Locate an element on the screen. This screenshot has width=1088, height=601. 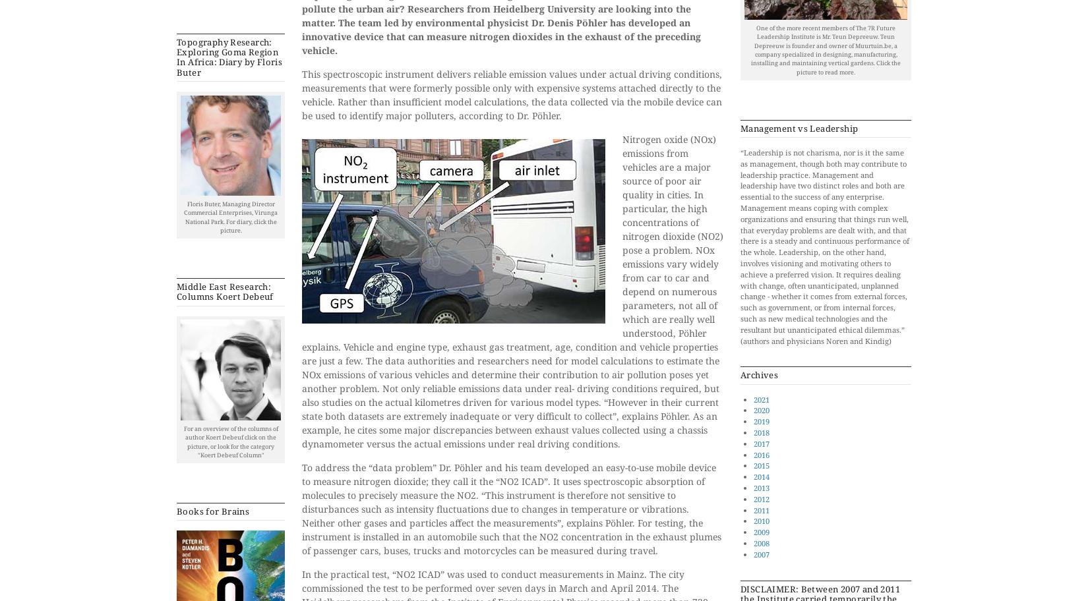
'2014' is located at coordinates (752, 476).